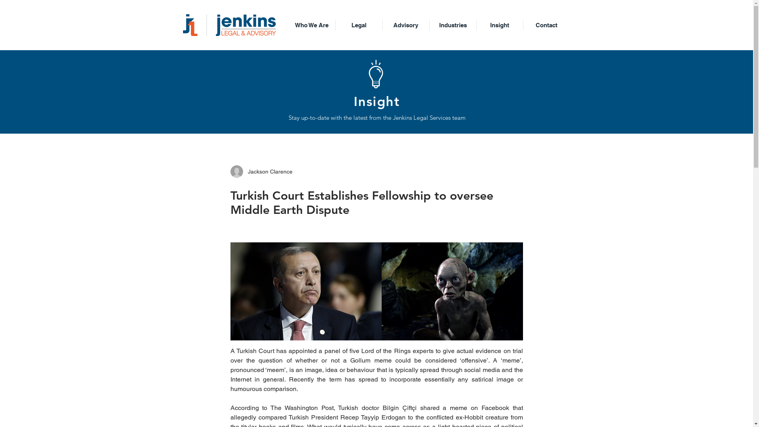  What do you see at coordinates (499, 25) in the screenshot?
I see `'Insight'` at bounding box center [499, 25].